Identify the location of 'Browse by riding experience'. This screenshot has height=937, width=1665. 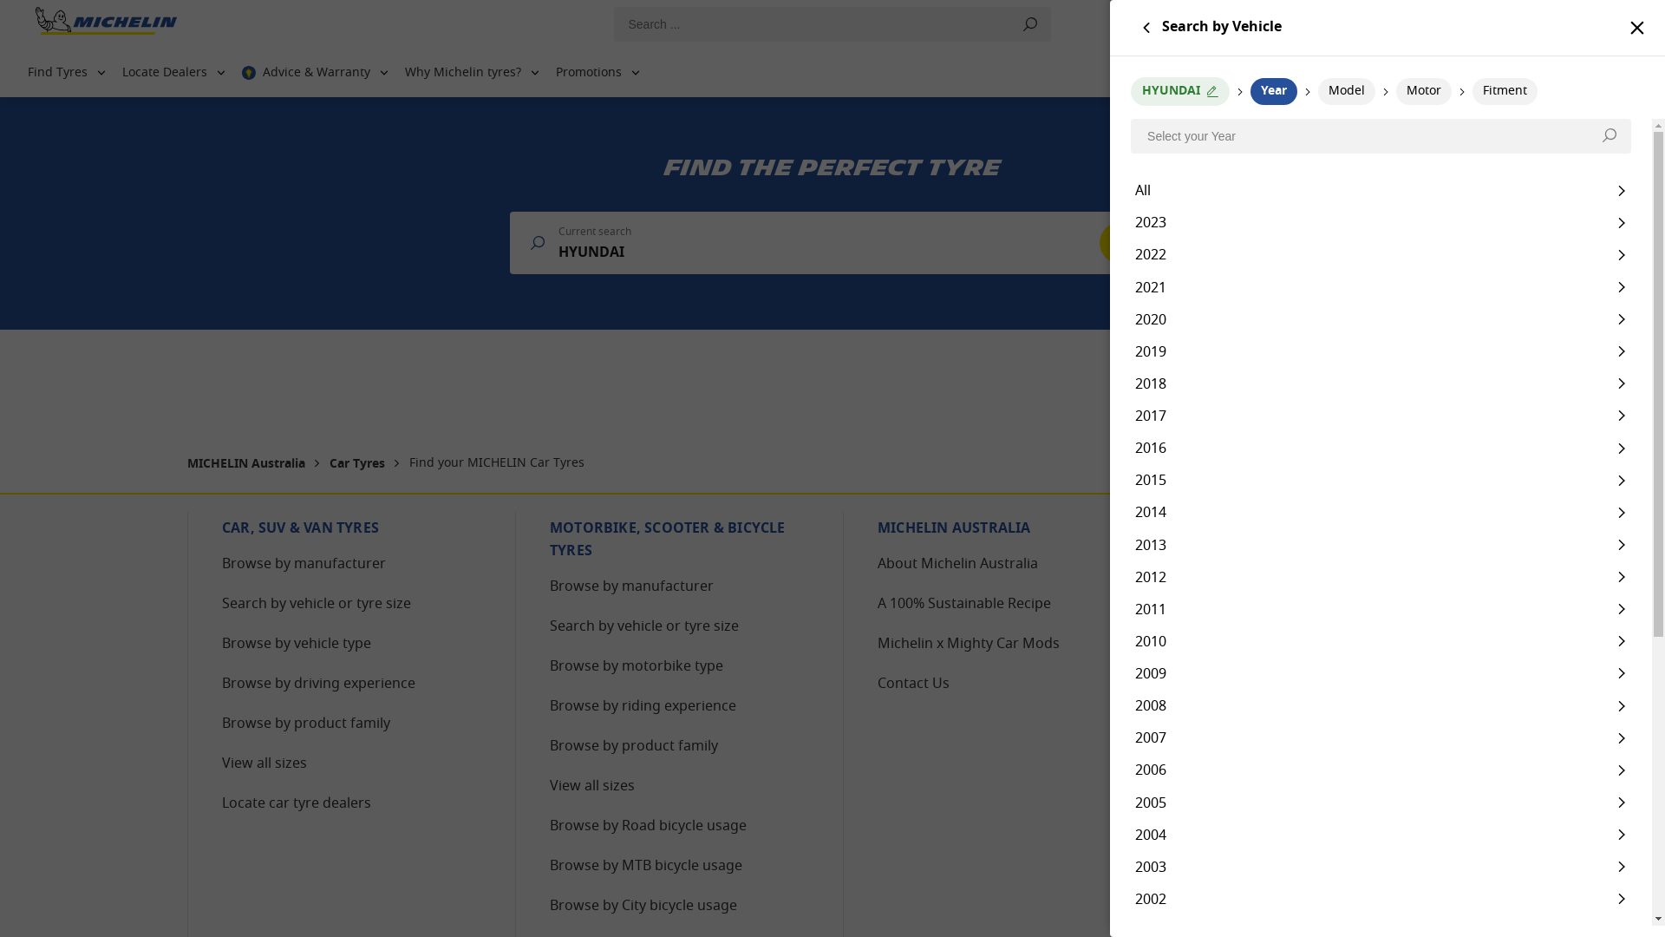
(642, 706).